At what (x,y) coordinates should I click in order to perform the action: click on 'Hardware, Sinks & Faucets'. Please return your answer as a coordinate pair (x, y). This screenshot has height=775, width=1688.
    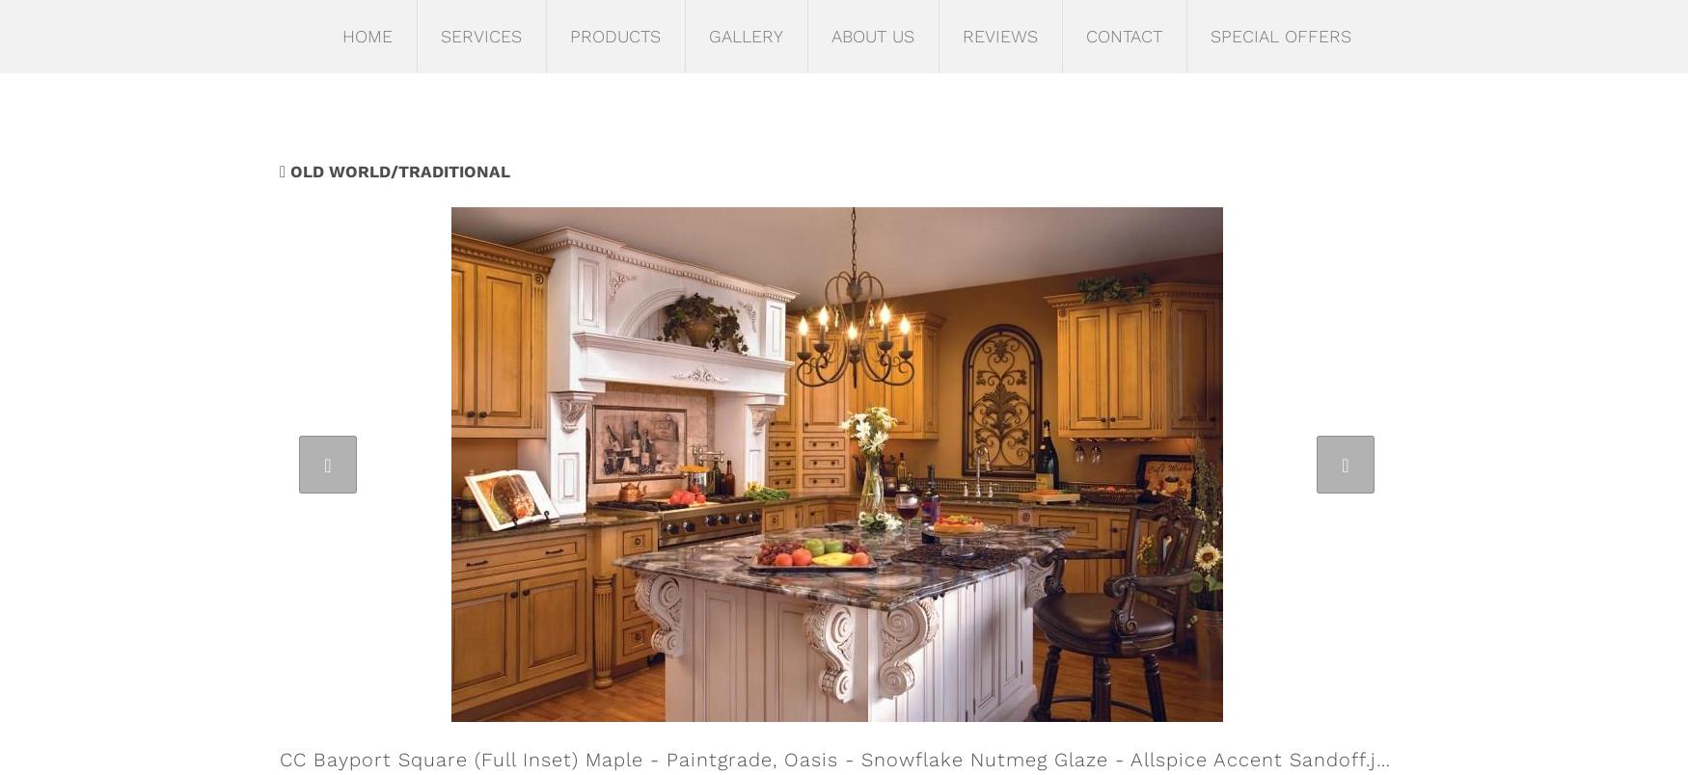
    Looking at the image, I should click on (639, 216).